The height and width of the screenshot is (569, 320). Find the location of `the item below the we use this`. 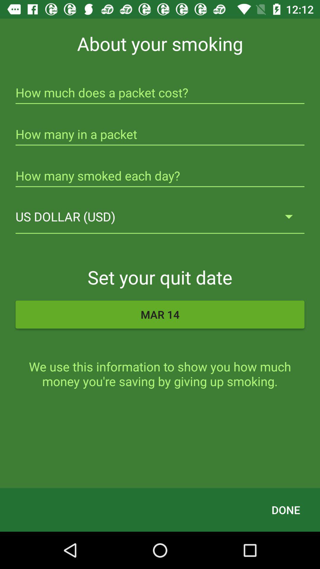

the item below the we use this is located at coordinates (285, 509).